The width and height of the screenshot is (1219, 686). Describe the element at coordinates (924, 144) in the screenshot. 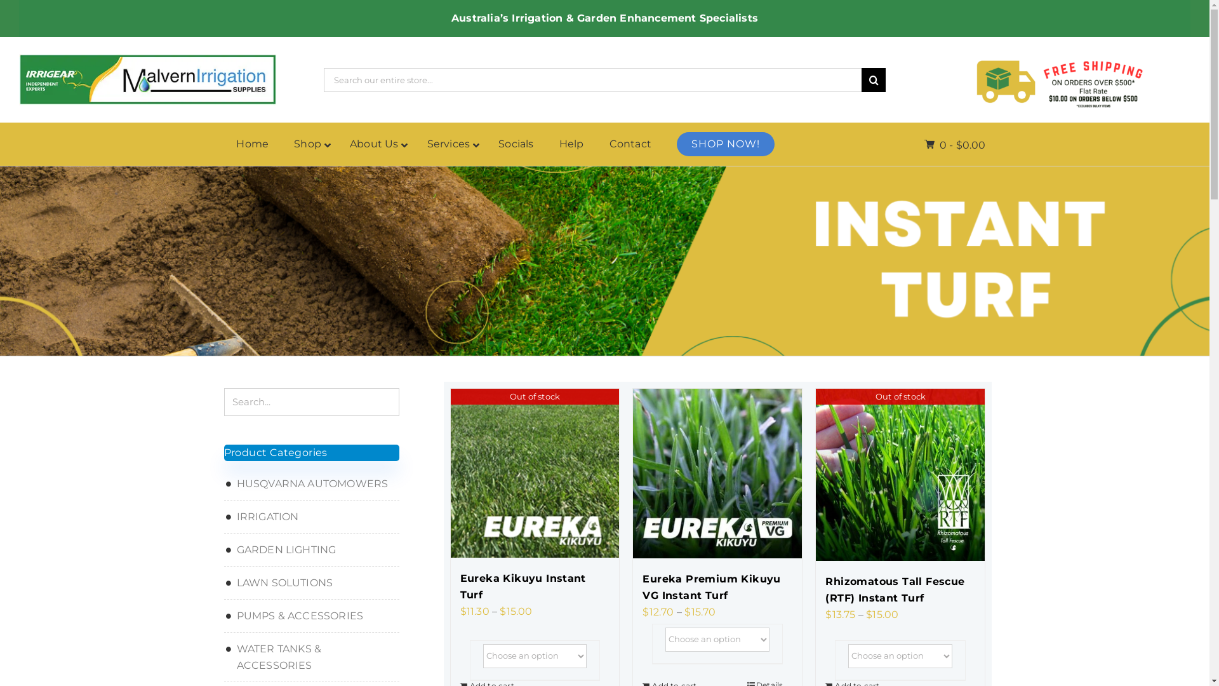

I see `'0 - $0.00'` at that location.